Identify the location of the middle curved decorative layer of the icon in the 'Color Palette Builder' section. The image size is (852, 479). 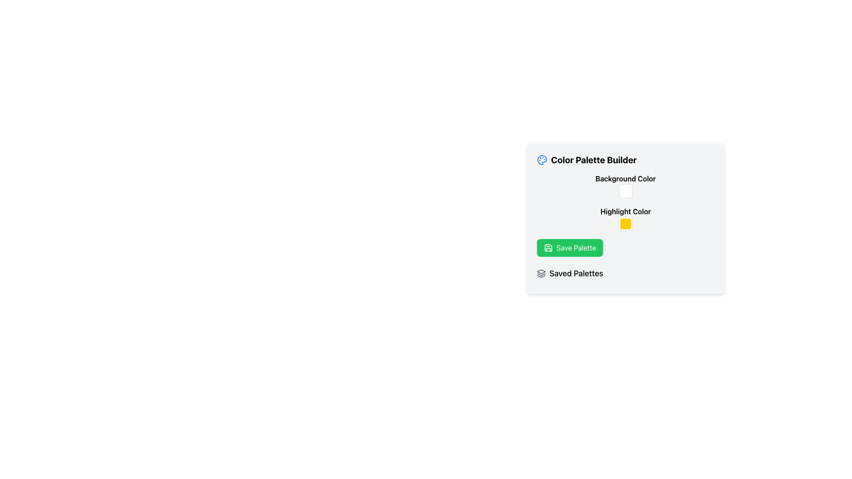
(540, 274).